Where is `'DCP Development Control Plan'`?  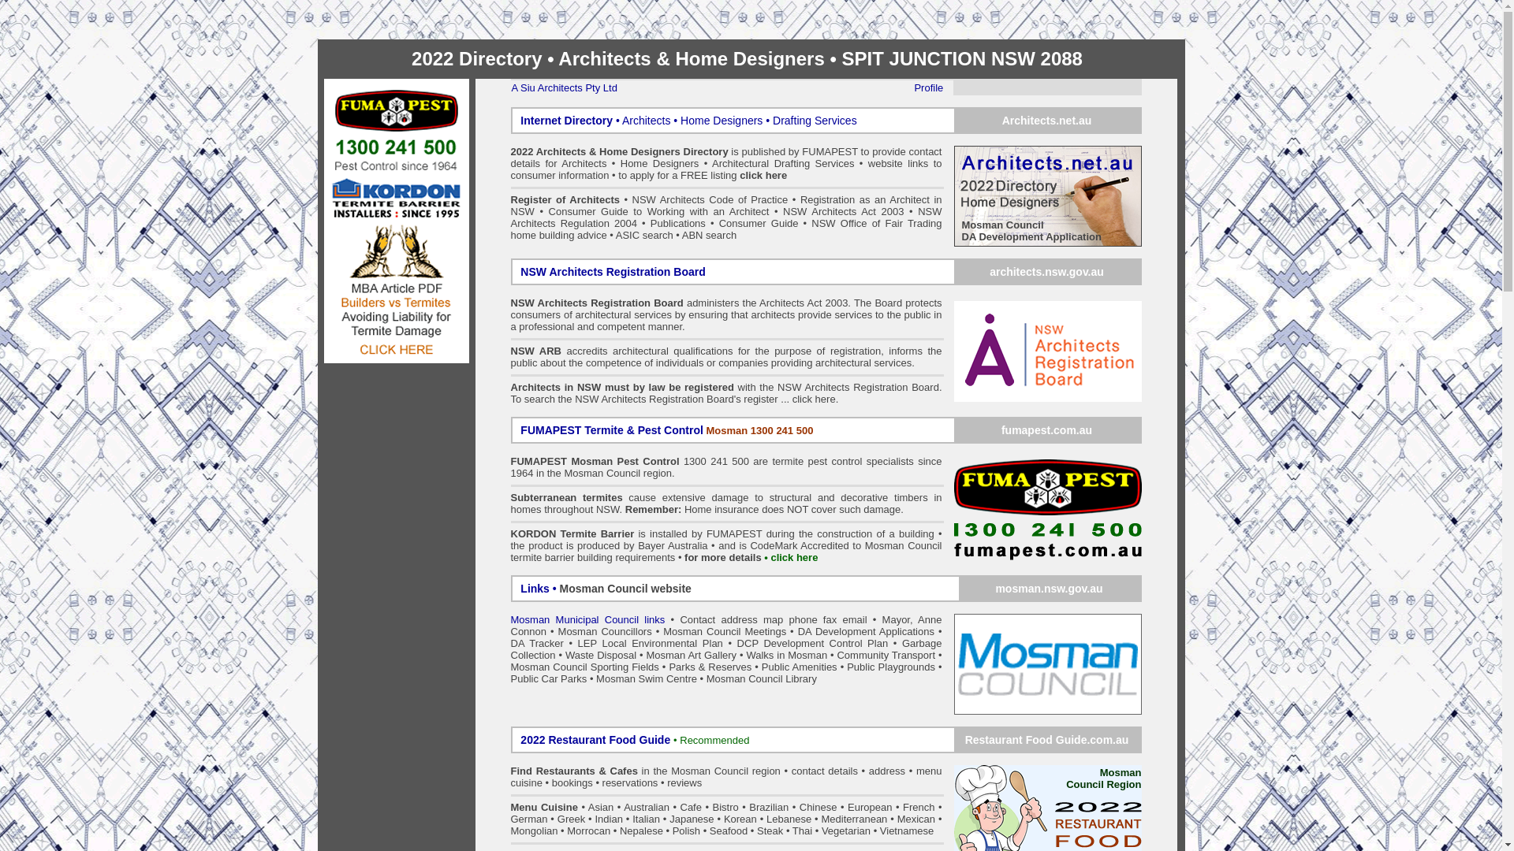
'DCP Development Control Plan' is located at coordinates (813, 643).